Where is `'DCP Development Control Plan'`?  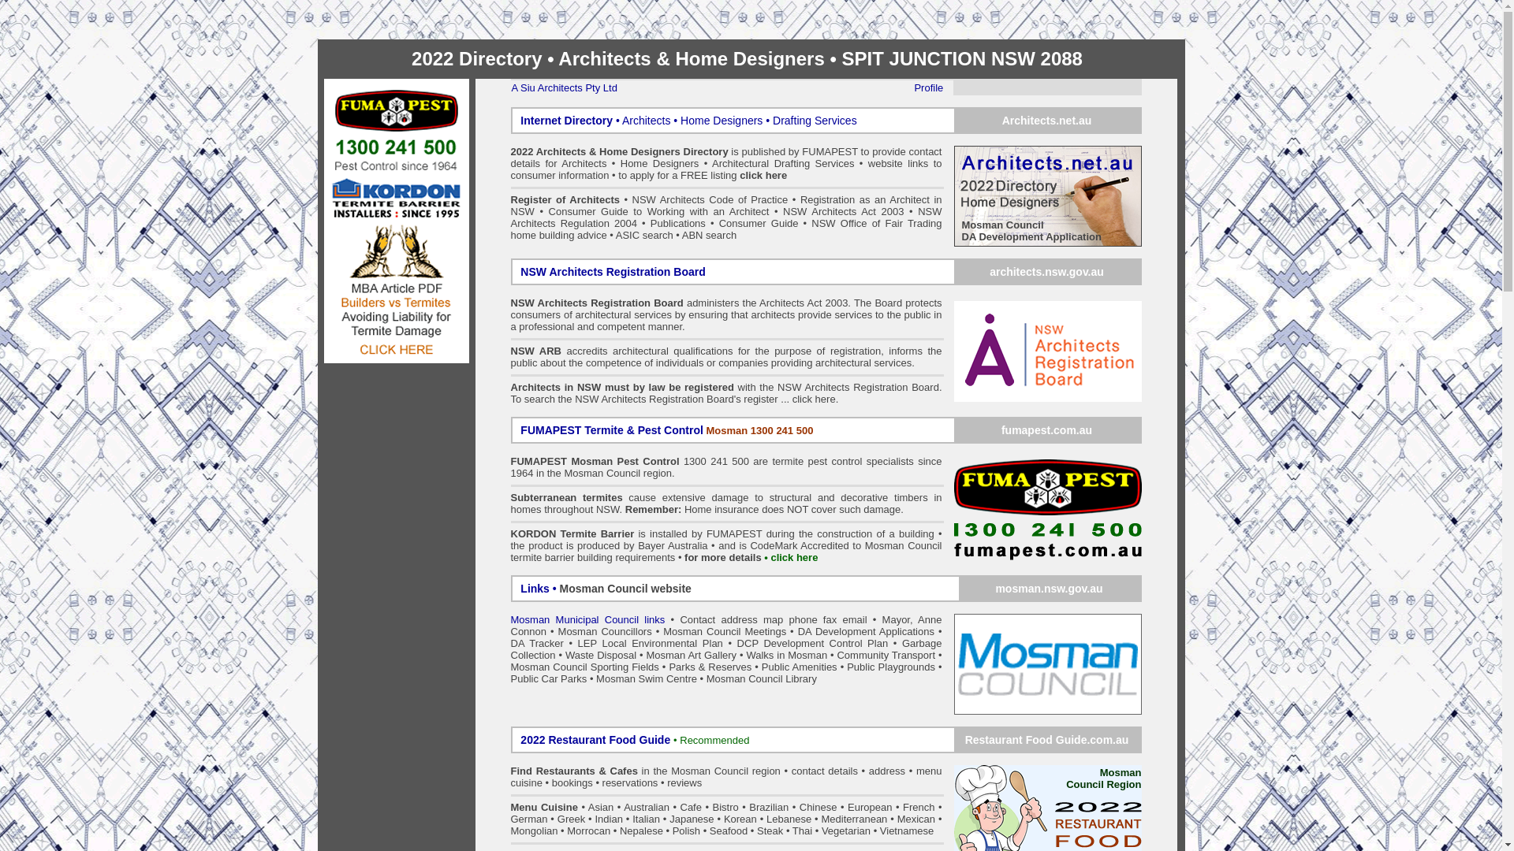
'DCP Development Control Plan' is located at coordinates (813, 643).